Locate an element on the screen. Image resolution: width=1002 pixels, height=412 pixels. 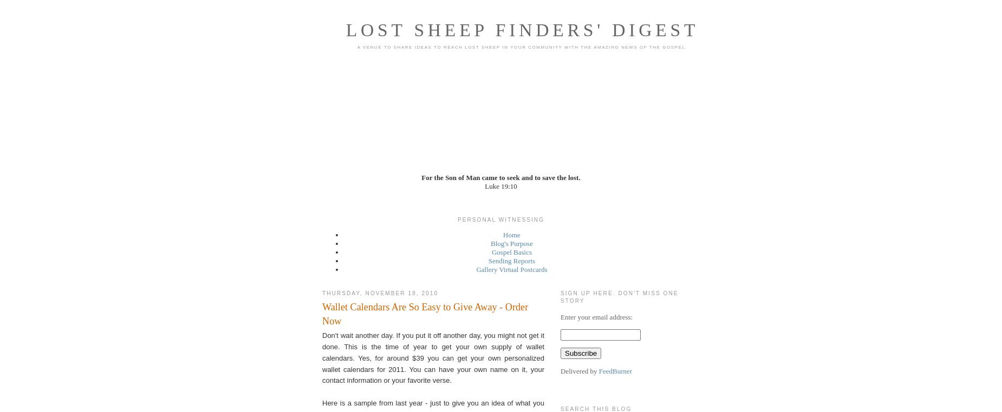
'Gallery Virtual Postcards' is located at coordinates (511, 269).